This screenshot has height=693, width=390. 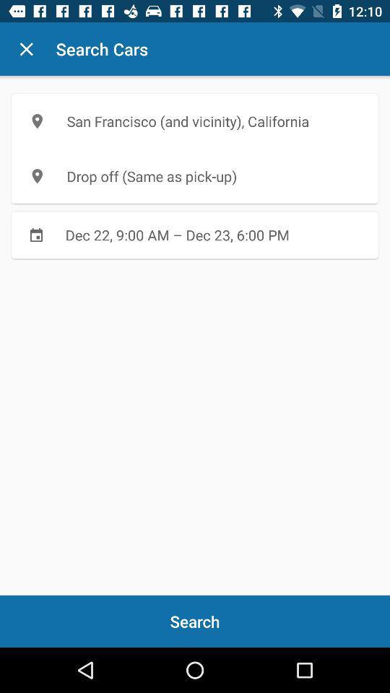 I want to click on icon above the drop off same, so click(x=195, y=121).